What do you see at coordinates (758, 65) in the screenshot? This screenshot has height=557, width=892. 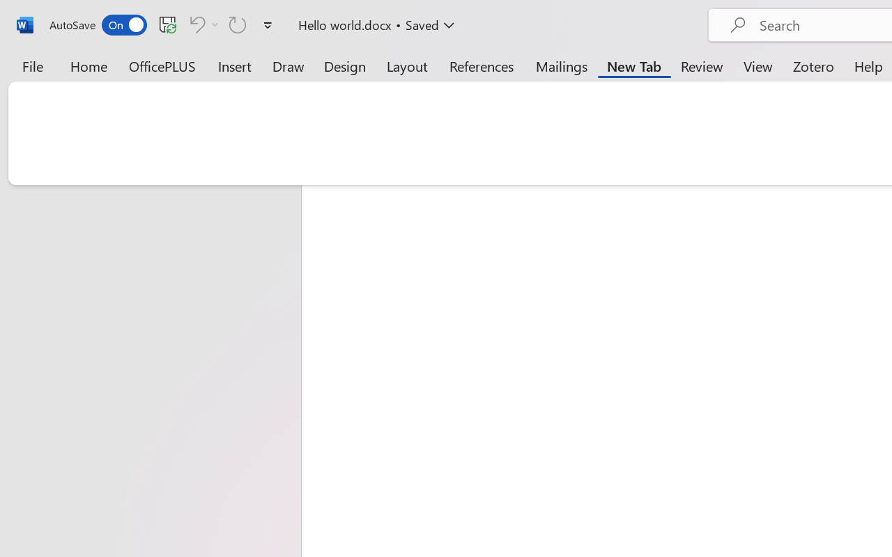 I see `'View'` at bounding box center [758, 65].